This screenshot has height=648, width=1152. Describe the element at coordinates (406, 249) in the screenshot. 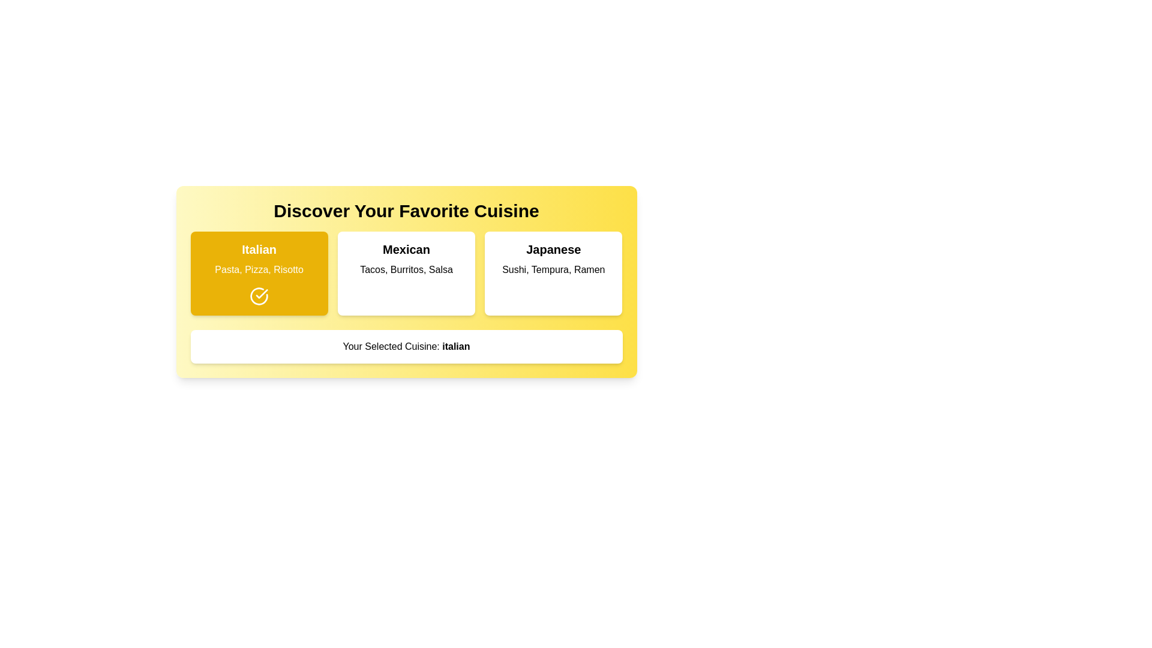

I see `Text label that introduces or categorizes the content specific to Mexican cuisine, located in the middle block above the description 'Tacos, Burritos, Salsa'` at that location.